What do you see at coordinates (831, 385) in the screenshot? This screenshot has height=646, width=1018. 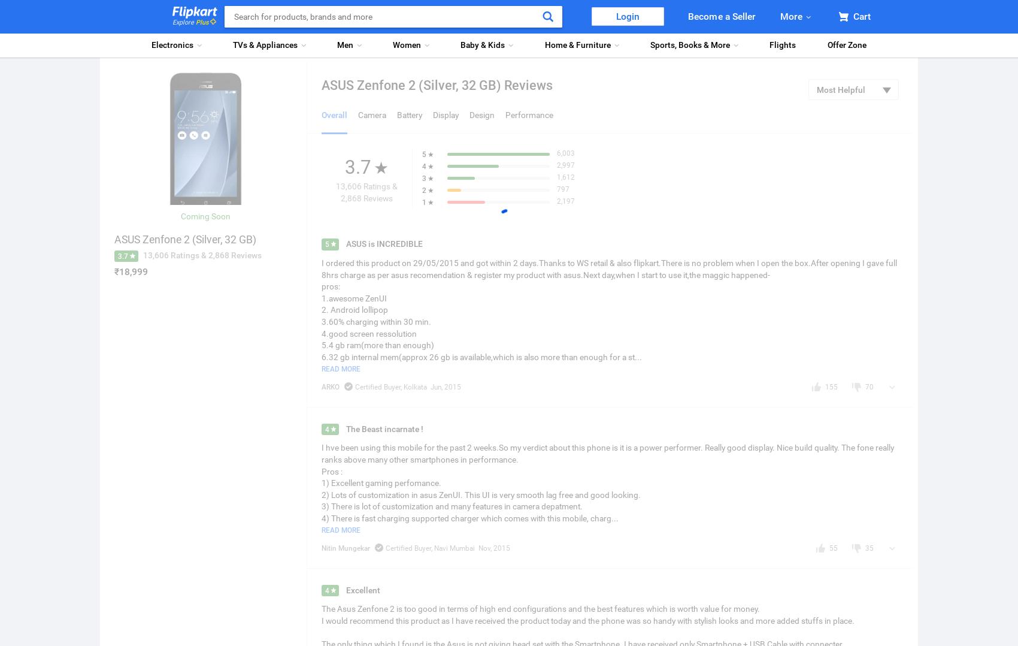 I see `'155'` at bounding box center [831, 385].